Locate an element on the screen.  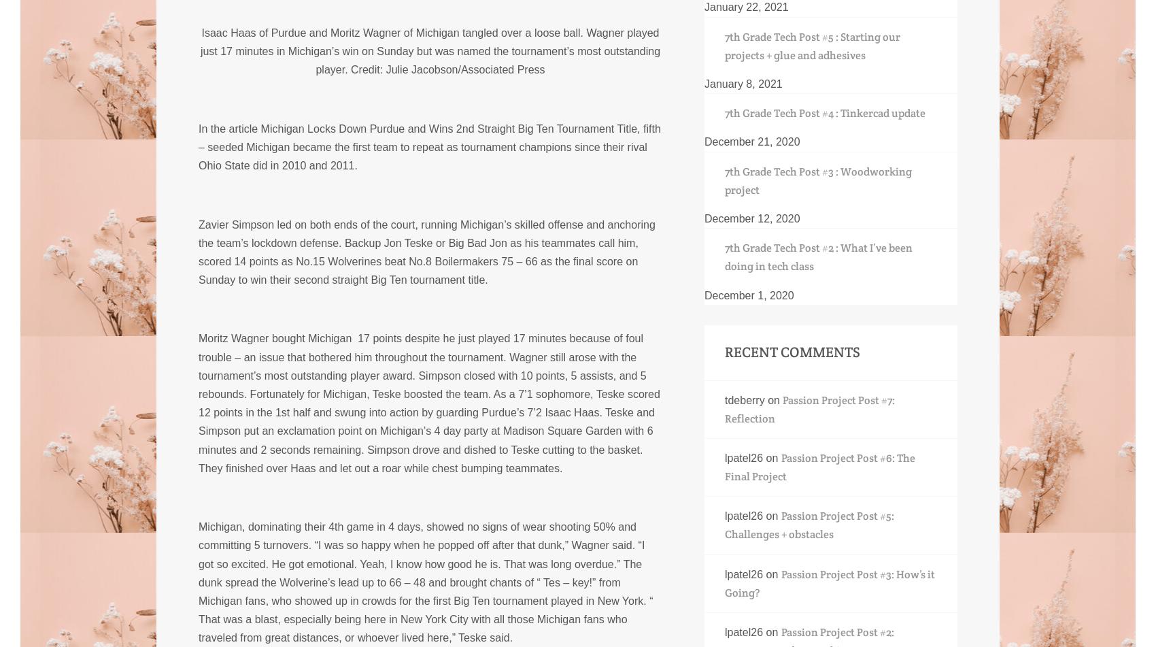
'December 1, 2020' is located at coordinates (703, 295).